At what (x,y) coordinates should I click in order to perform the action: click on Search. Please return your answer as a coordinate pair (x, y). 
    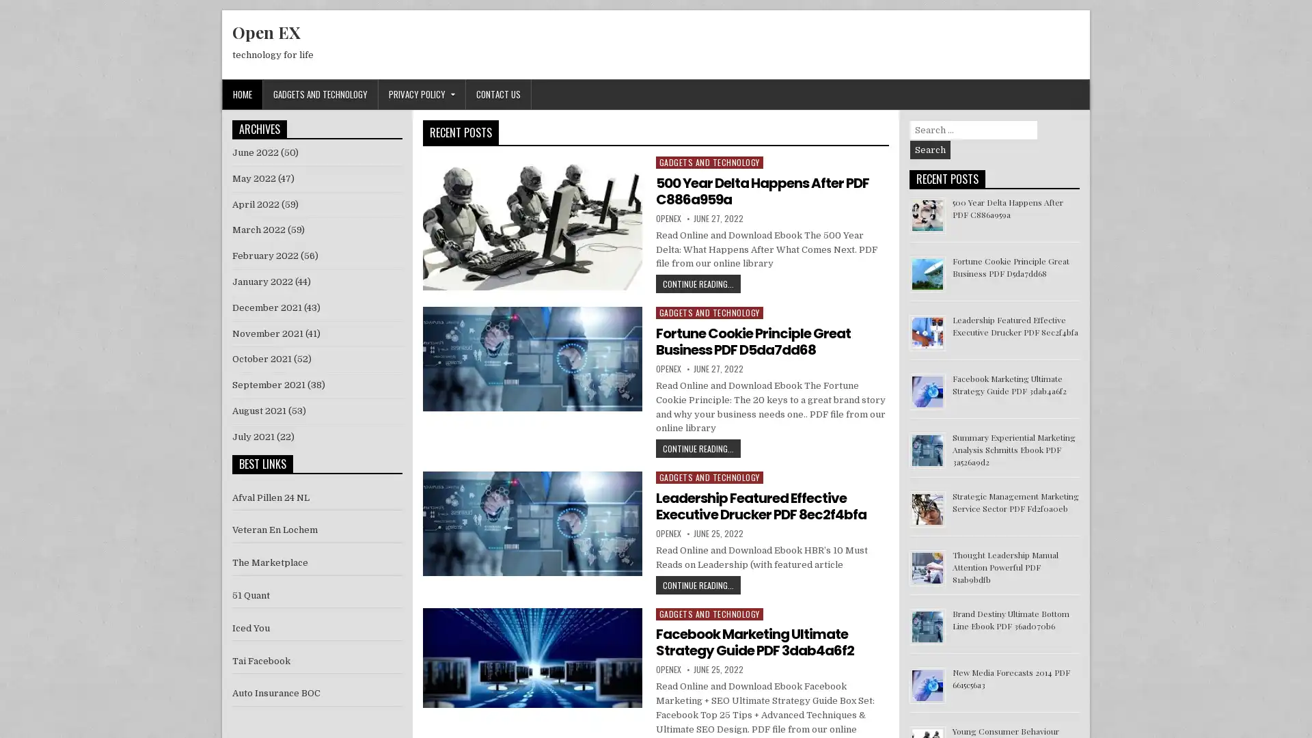
    Looking at the image, I should click on (929, 150).